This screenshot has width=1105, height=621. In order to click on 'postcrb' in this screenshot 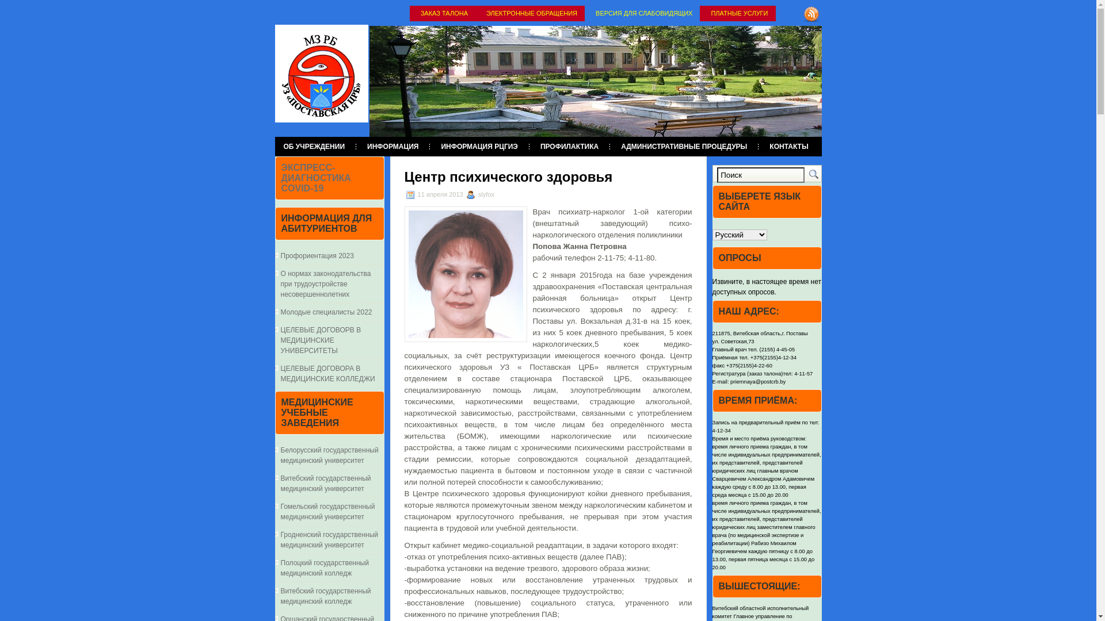, I will do `click(321, 73)`.